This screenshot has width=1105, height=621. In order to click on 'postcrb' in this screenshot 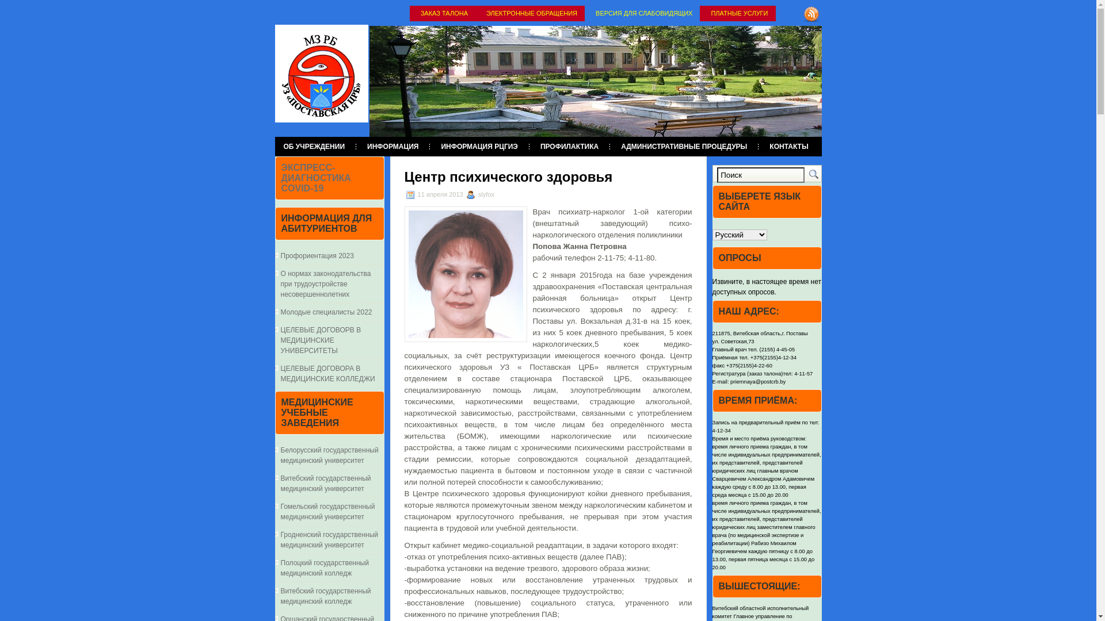, I will do `click(321, 73)`.